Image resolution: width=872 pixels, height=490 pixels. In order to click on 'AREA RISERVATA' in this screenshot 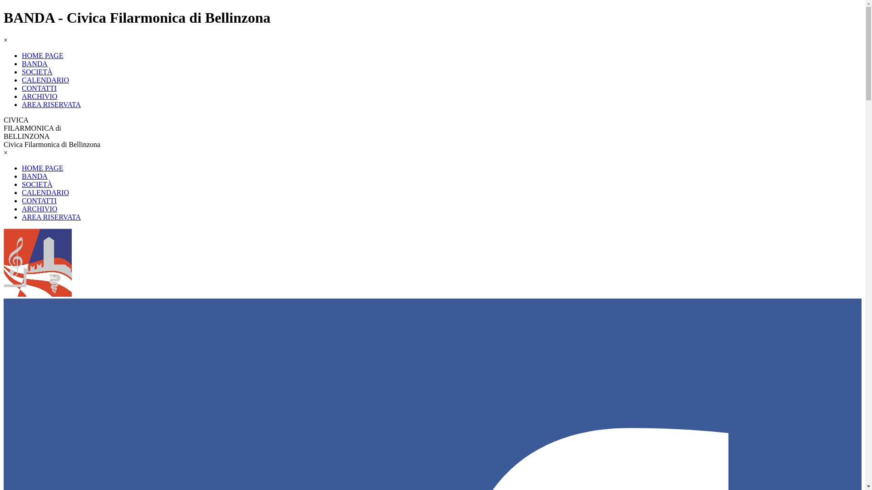, I will do `click(22, 104)`.